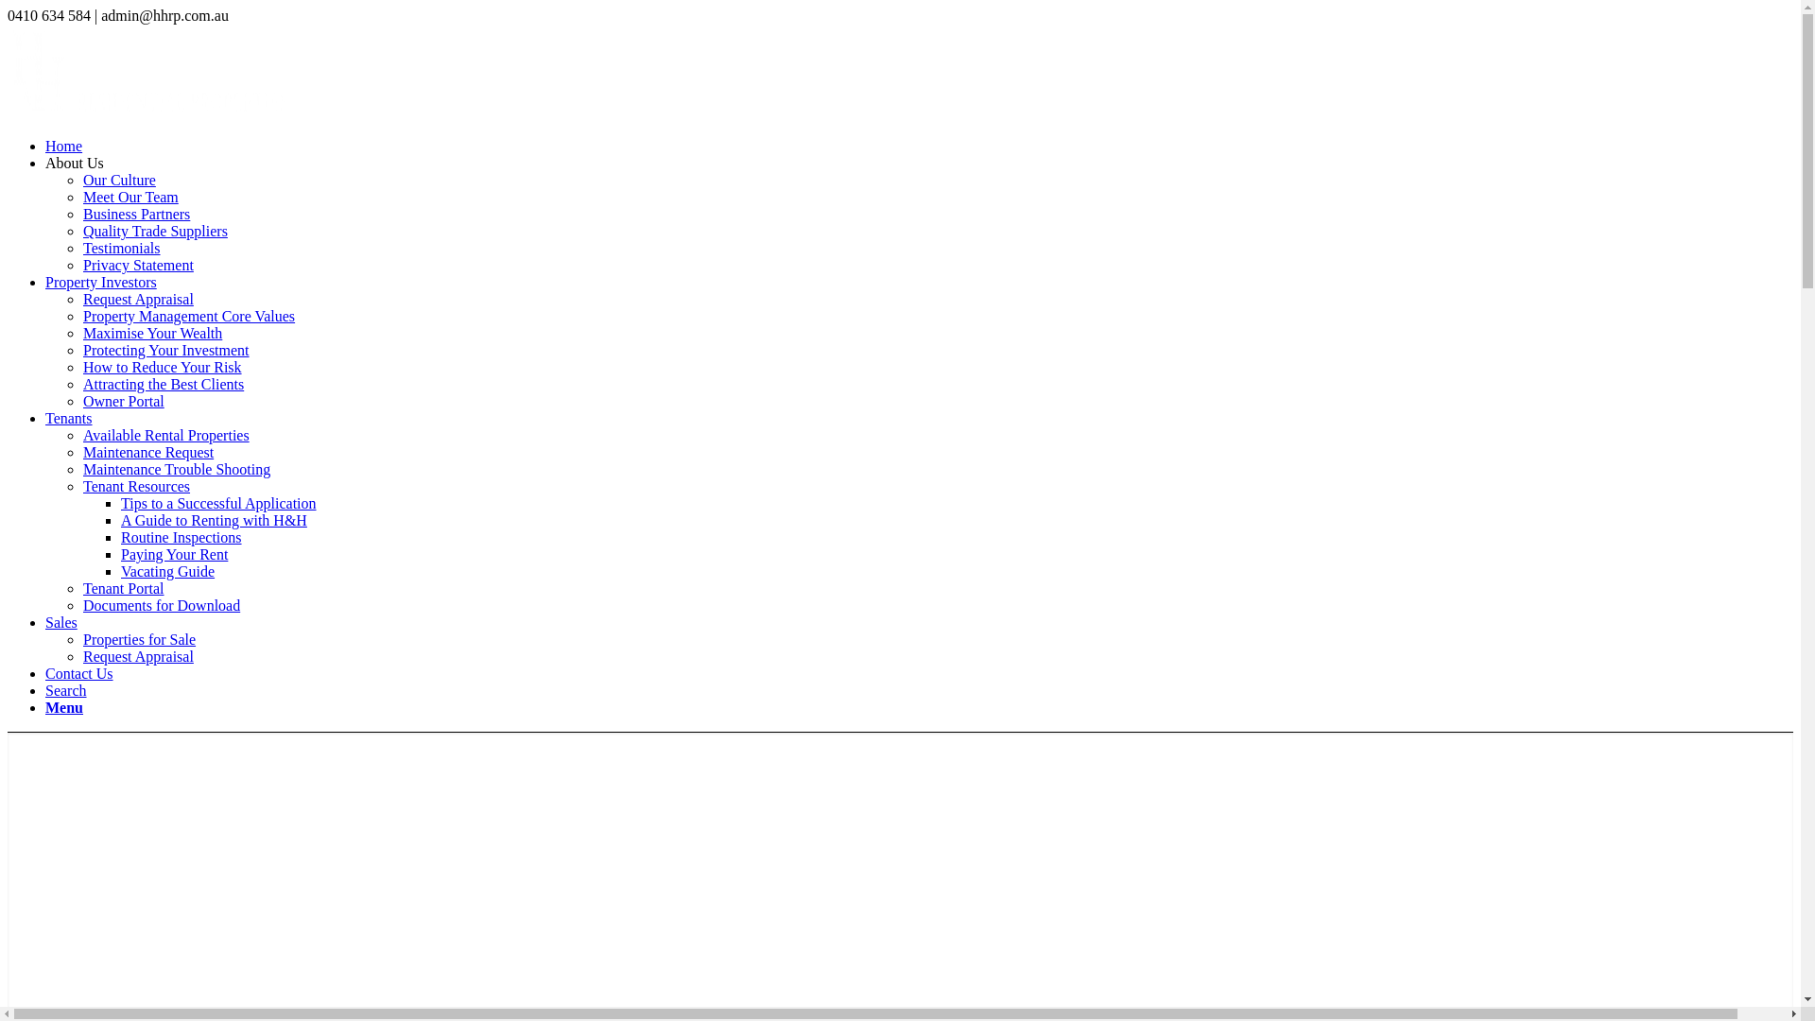  What do you see at coordinates (137, 298) in the screenshot?
I see `'Request Appraisal'` at bounding box center [137, 298].